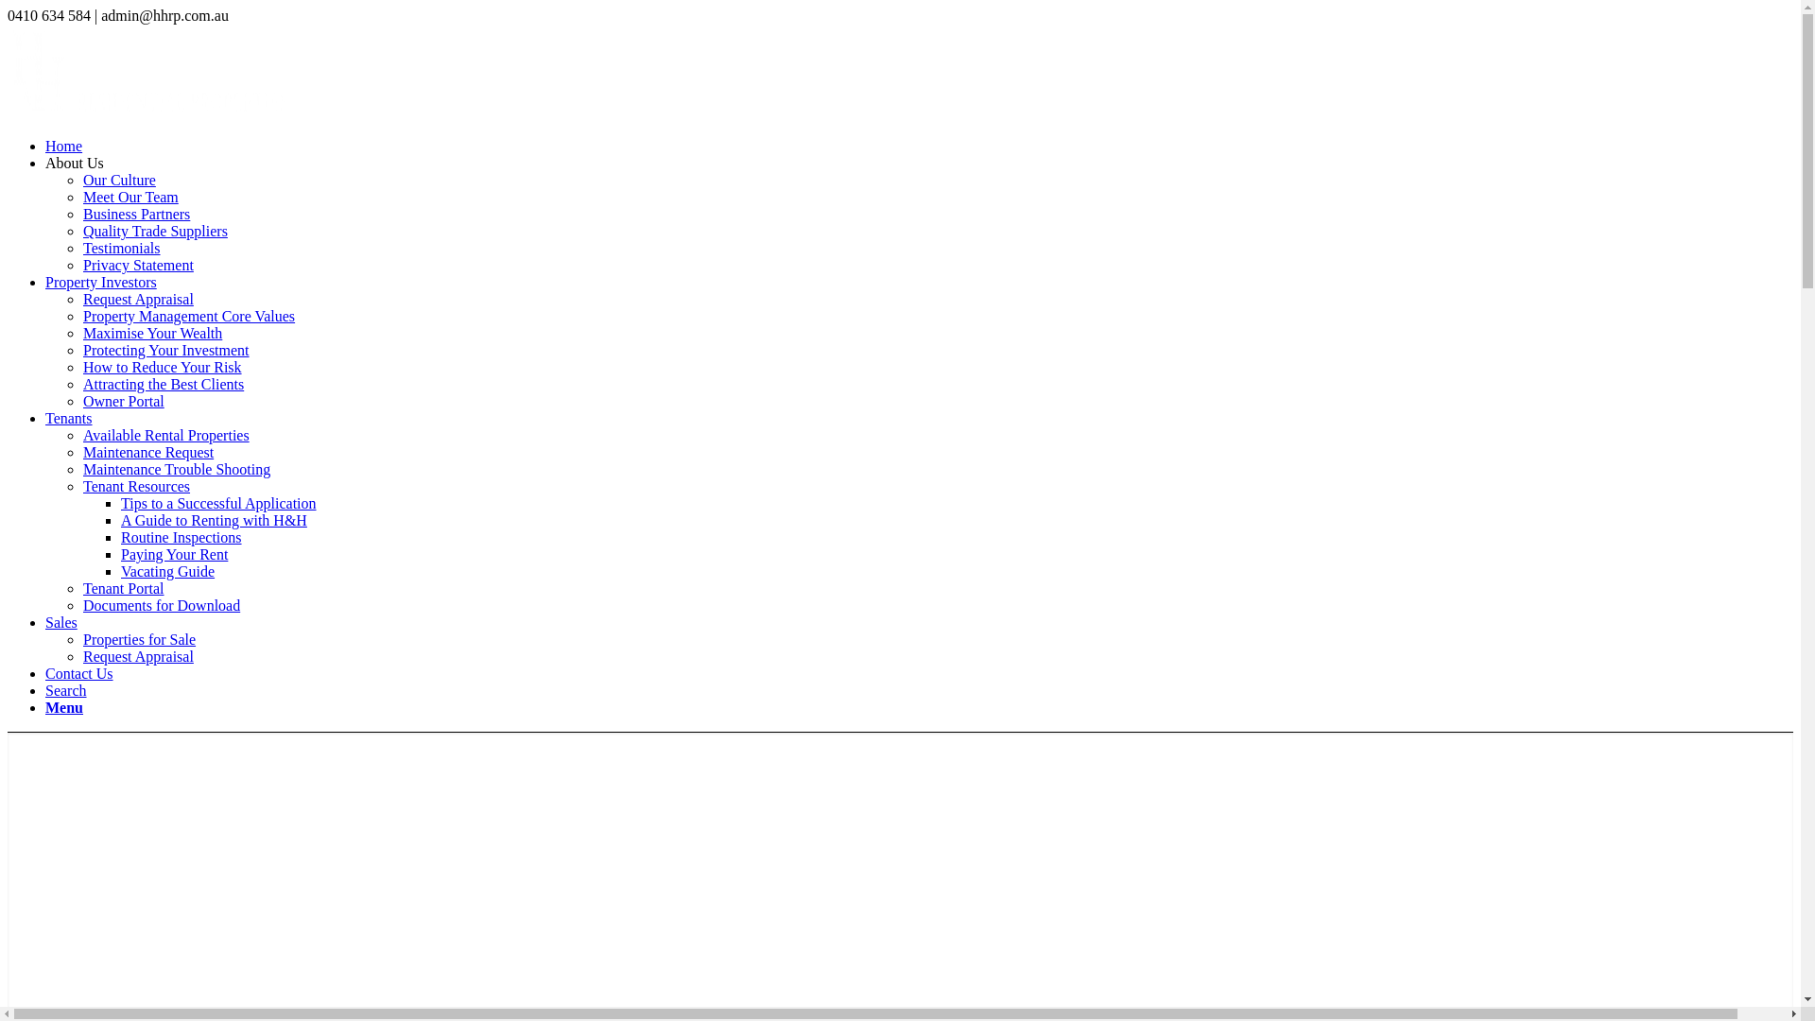  What do you see at coordinates (137, 298) in the screenshot?
I see `'Request Appraisal'` at bounding box center [137, 298].